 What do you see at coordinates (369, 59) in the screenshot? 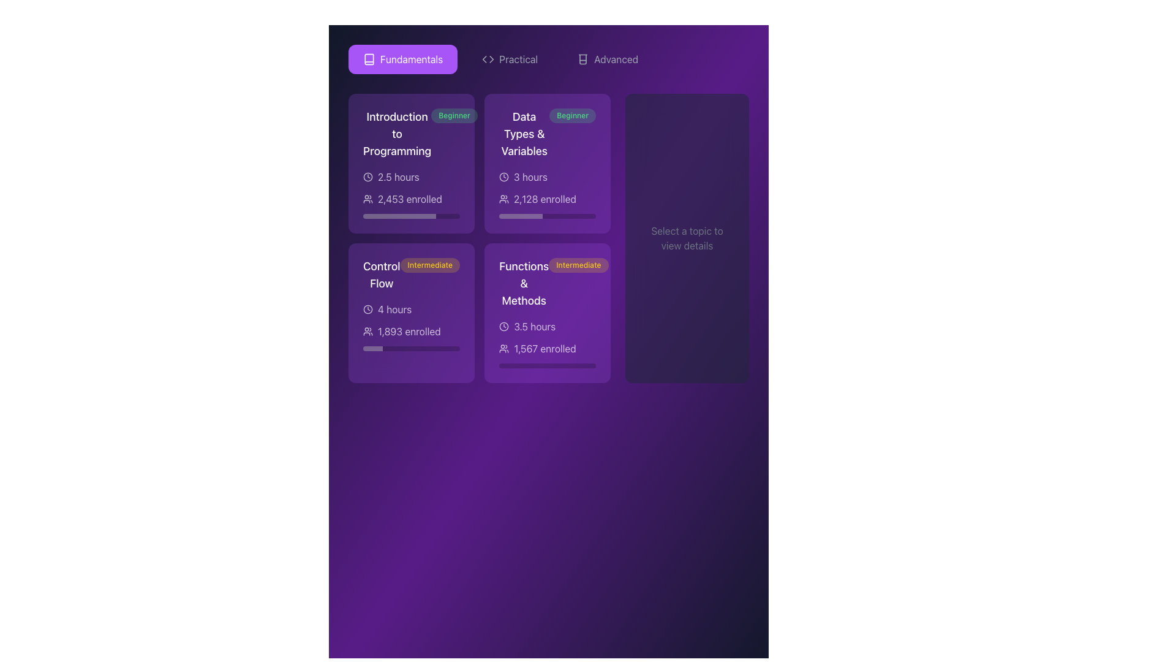
I see `the book icon within the purple 'Fundamentals' button located at the top-left corner of the user interface` at bounding box center [369, 59].